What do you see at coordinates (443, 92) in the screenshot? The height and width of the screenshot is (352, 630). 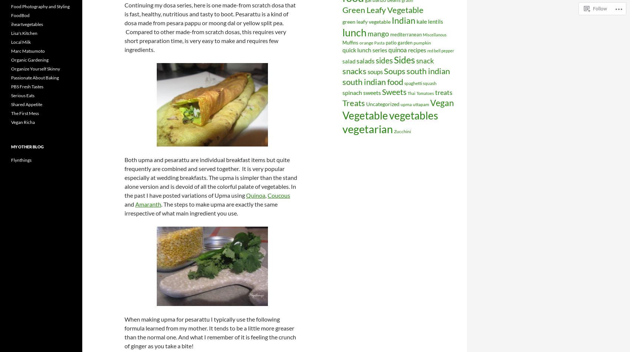 I see `'treats'` at bounding box center [443, 92].